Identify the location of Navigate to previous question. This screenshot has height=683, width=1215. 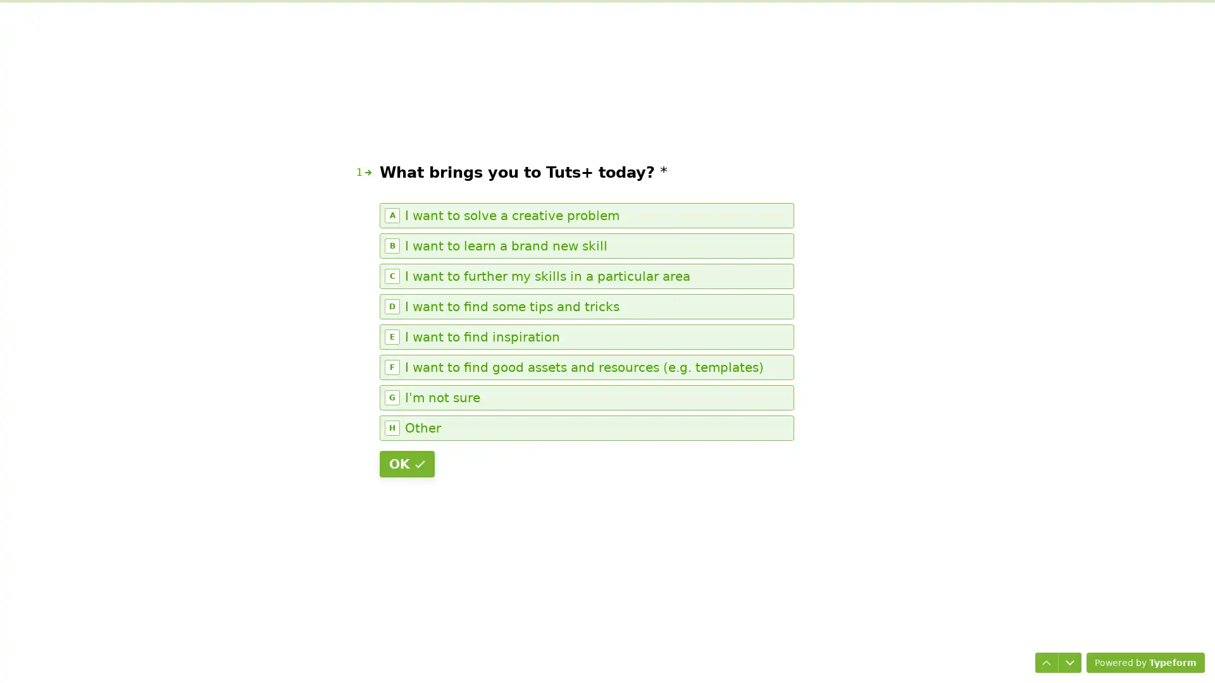
(1042, 657).